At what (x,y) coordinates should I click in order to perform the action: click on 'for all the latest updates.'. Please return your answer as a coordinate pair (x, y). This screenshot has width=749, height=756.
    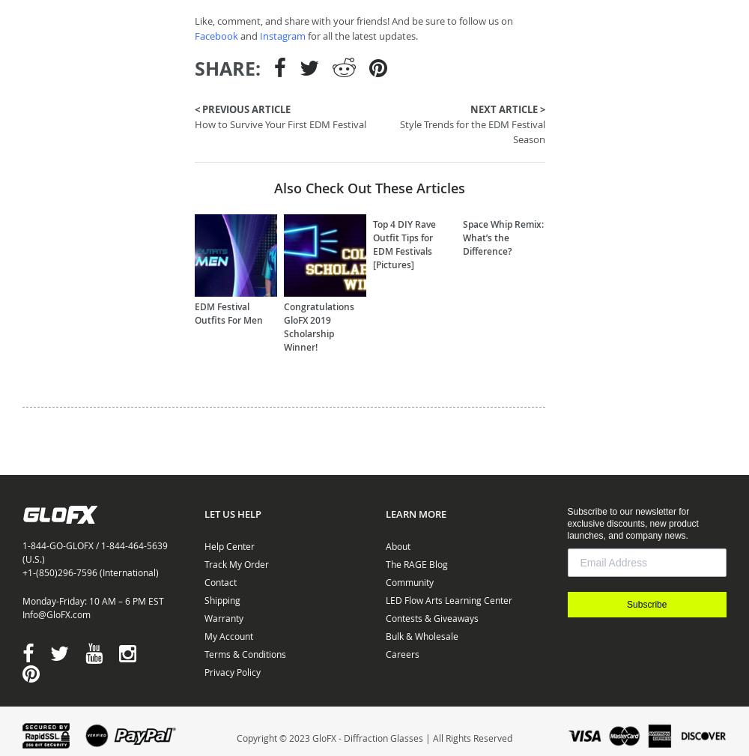
    Looking at the image, I should click on (361, 34).